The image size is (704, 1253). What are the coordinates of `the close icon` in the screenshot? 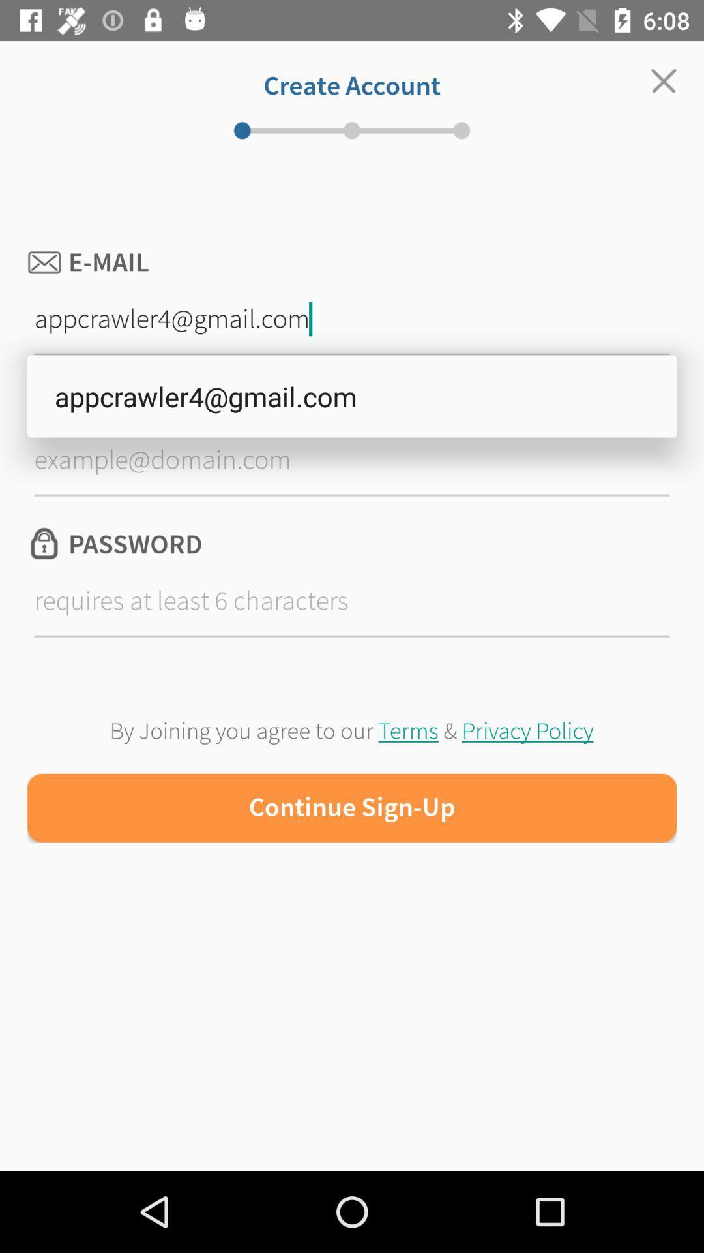 It's located at (664, 80).